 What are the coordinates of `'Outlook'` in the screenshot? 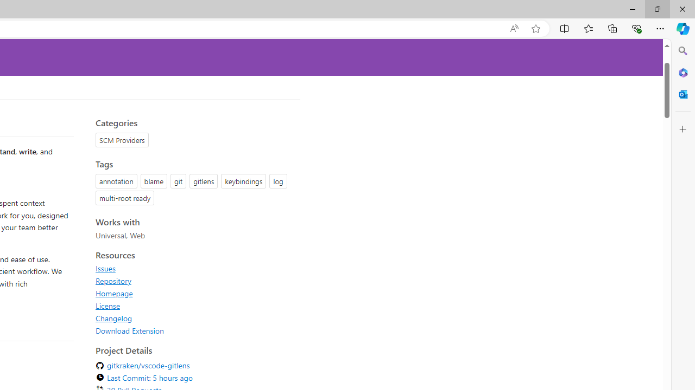 It's located at (683, 94).